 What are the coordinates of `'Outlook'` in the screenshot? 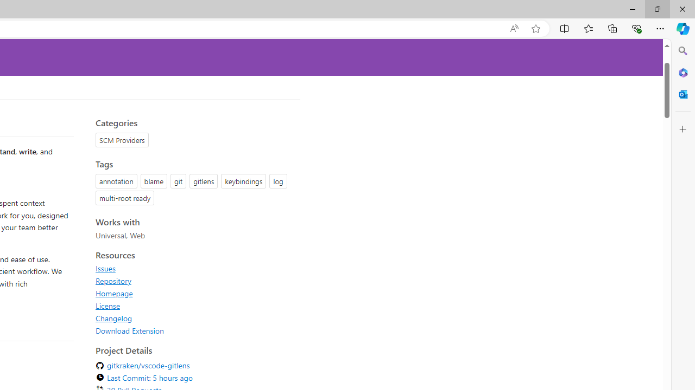 It's located at (683, 94).